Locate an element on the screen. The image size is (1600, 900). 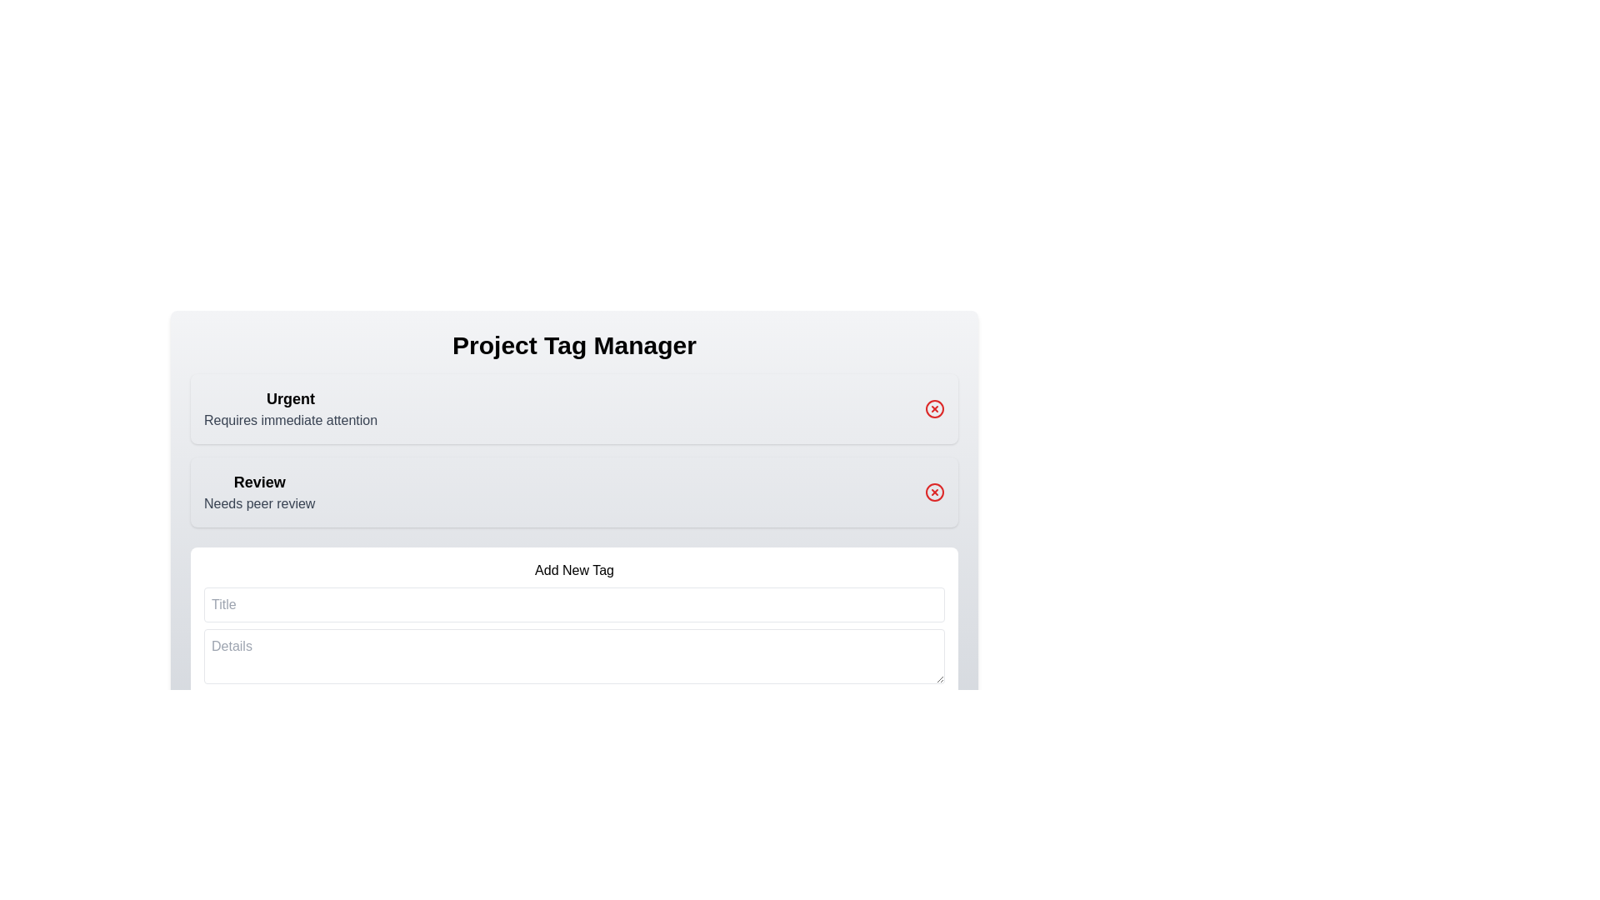
the circular border graphic with a bright red stroke located in the upper-right corner of the 'Urgent' section for interaction is located at coordinates (935, 408).